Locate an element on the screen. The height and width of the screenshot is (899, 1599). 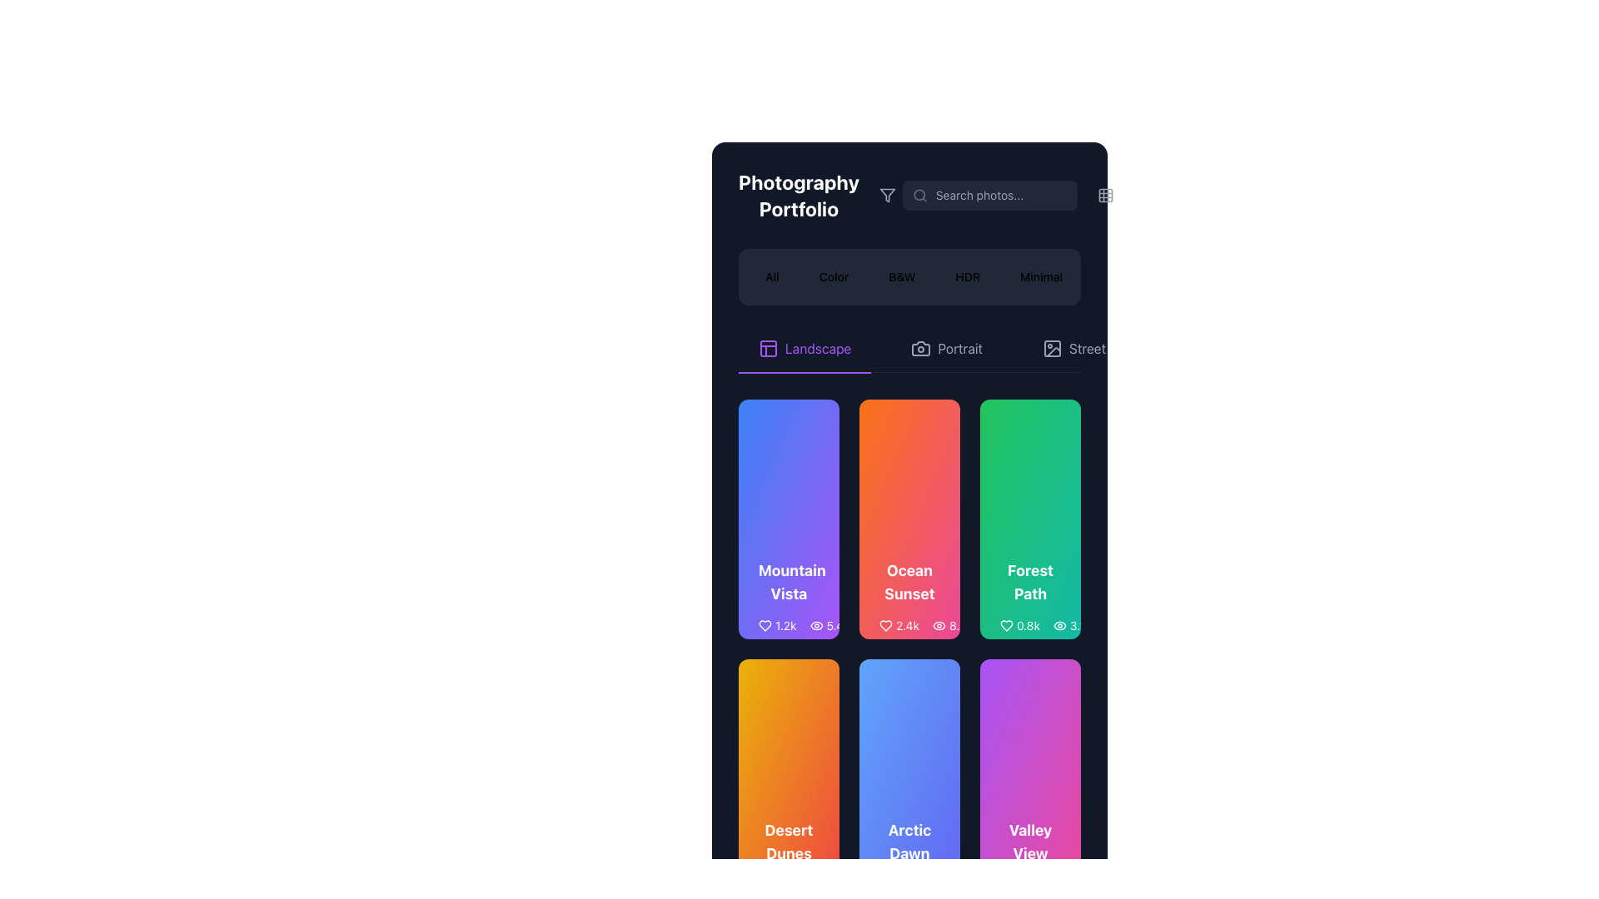
the textual label located at the top of the green card in the third column of the top row in the collection grid is located at coordinates (1029, 581).